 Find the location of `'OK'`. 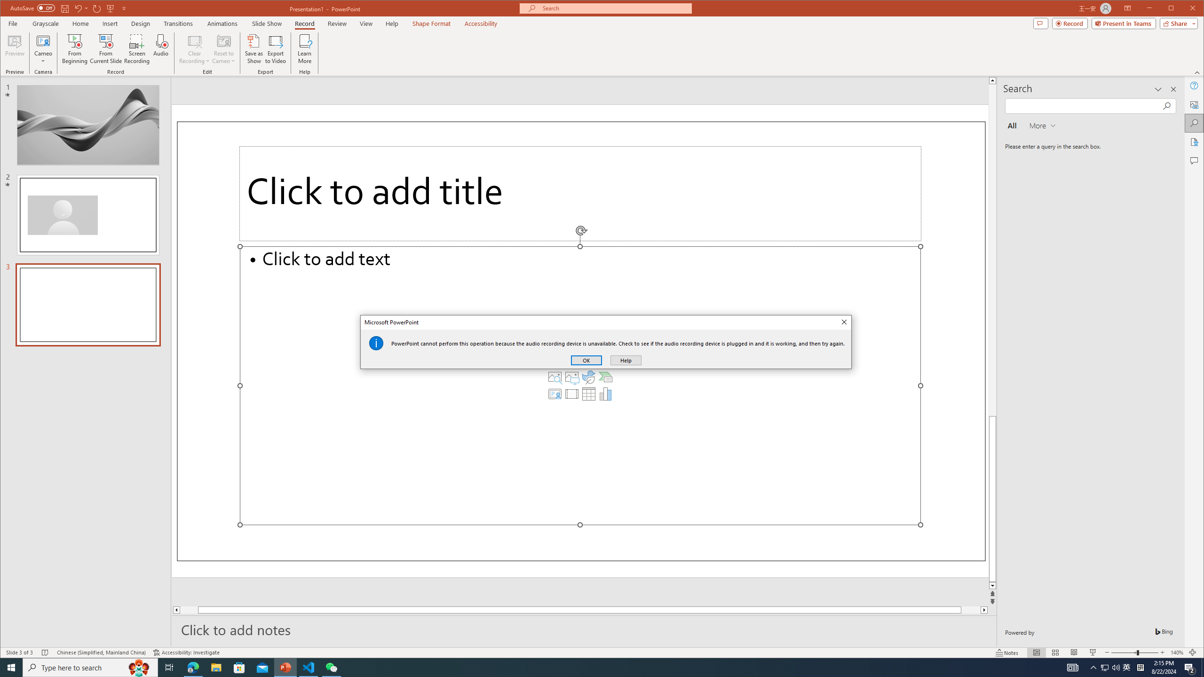

'OK' is located at coordinates (586, 360).